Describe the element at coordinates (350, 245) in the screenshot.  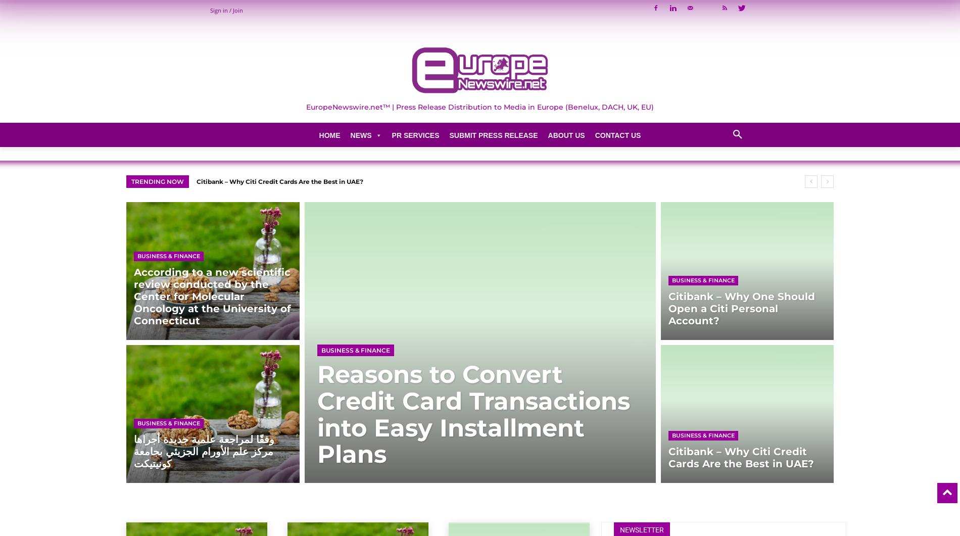
I see `'Conferences & Seminars'` at that location.